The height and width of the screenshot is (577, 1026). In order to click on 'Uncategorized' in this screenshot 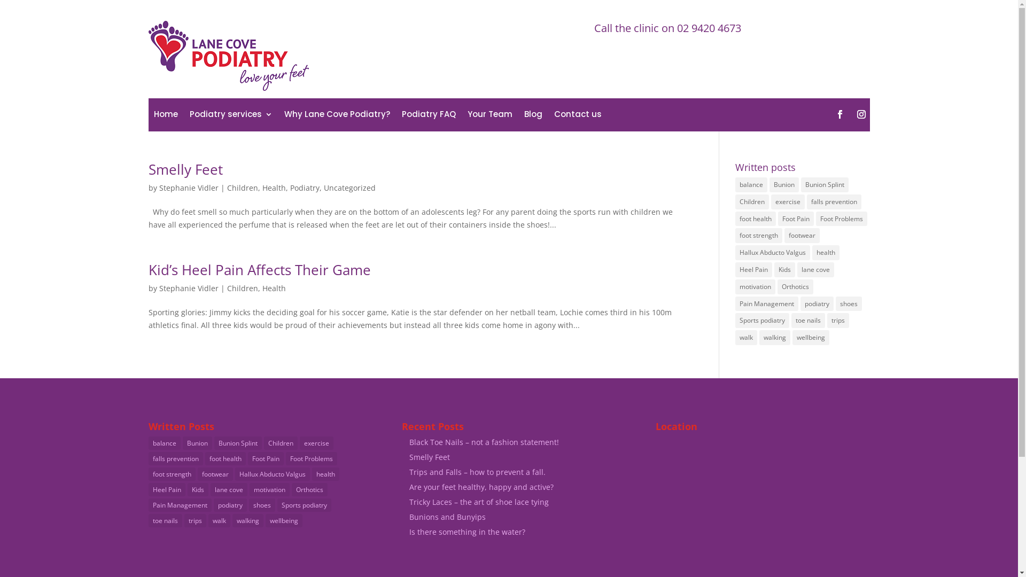, I will do `click(349, 187)`.